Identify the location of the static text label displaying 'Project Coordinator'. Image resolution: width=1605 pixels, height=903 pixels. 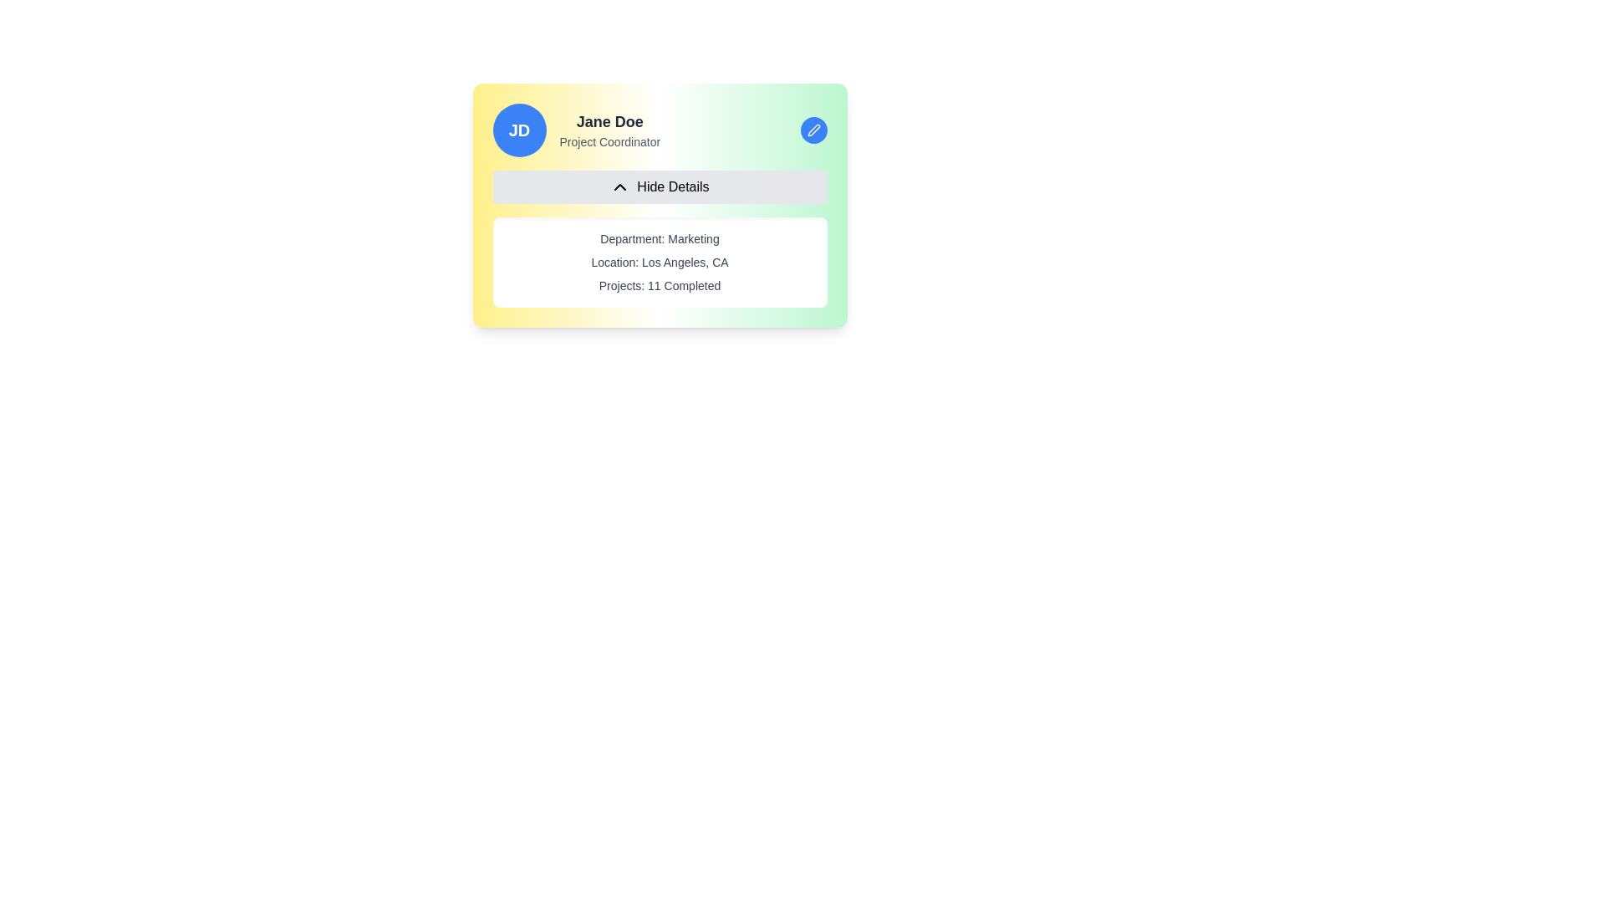
(609, 140).